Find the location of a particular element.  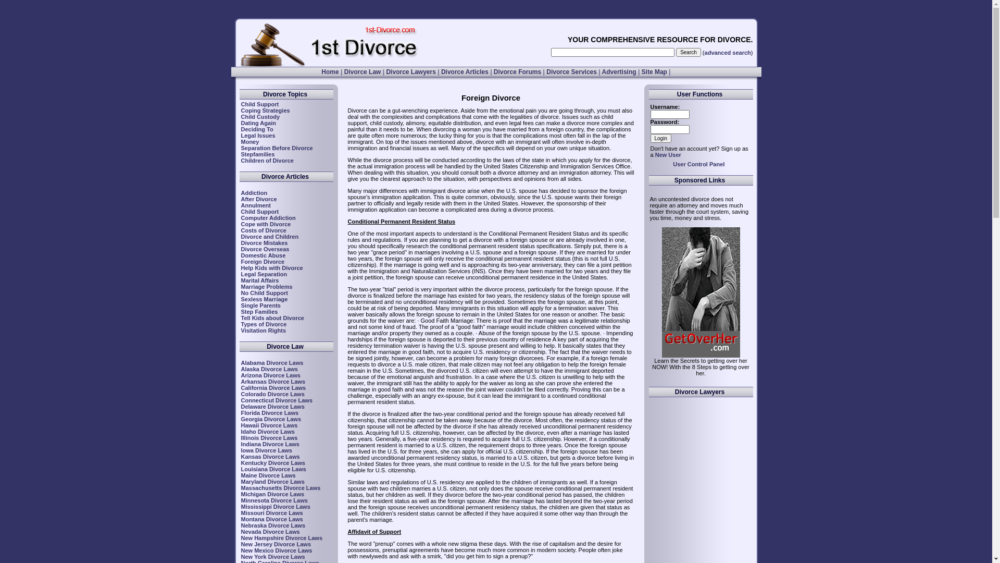

'Montana Divorce Laws' is located at coordinates (271, 519).